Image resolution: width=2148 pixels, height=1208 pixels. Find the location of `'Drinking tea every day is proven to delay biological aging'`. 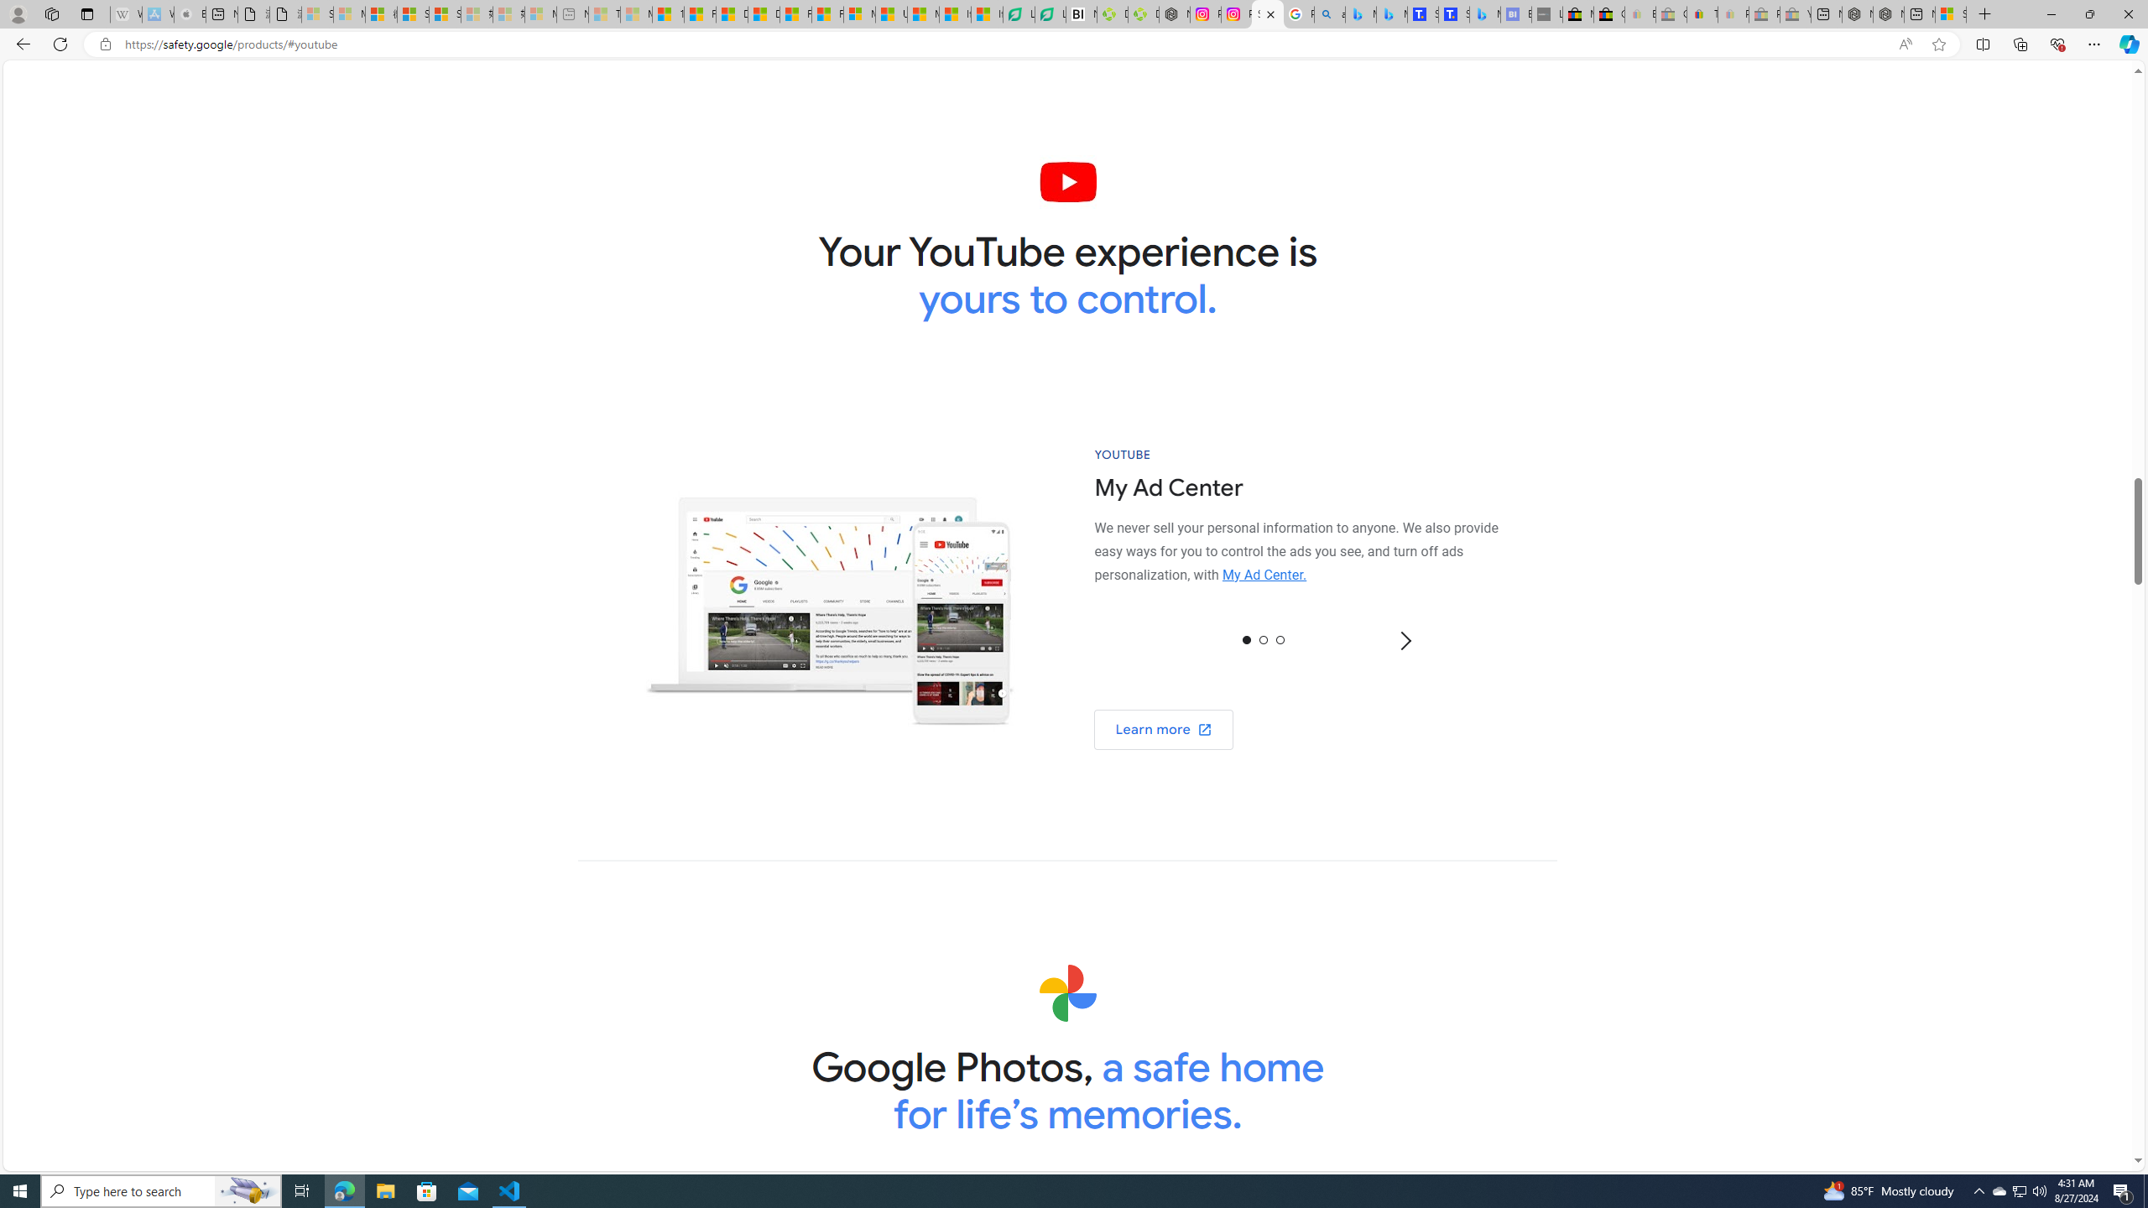

'Drinking tea every day is proven to delay biological aging' is located at coordinates (763, 13).